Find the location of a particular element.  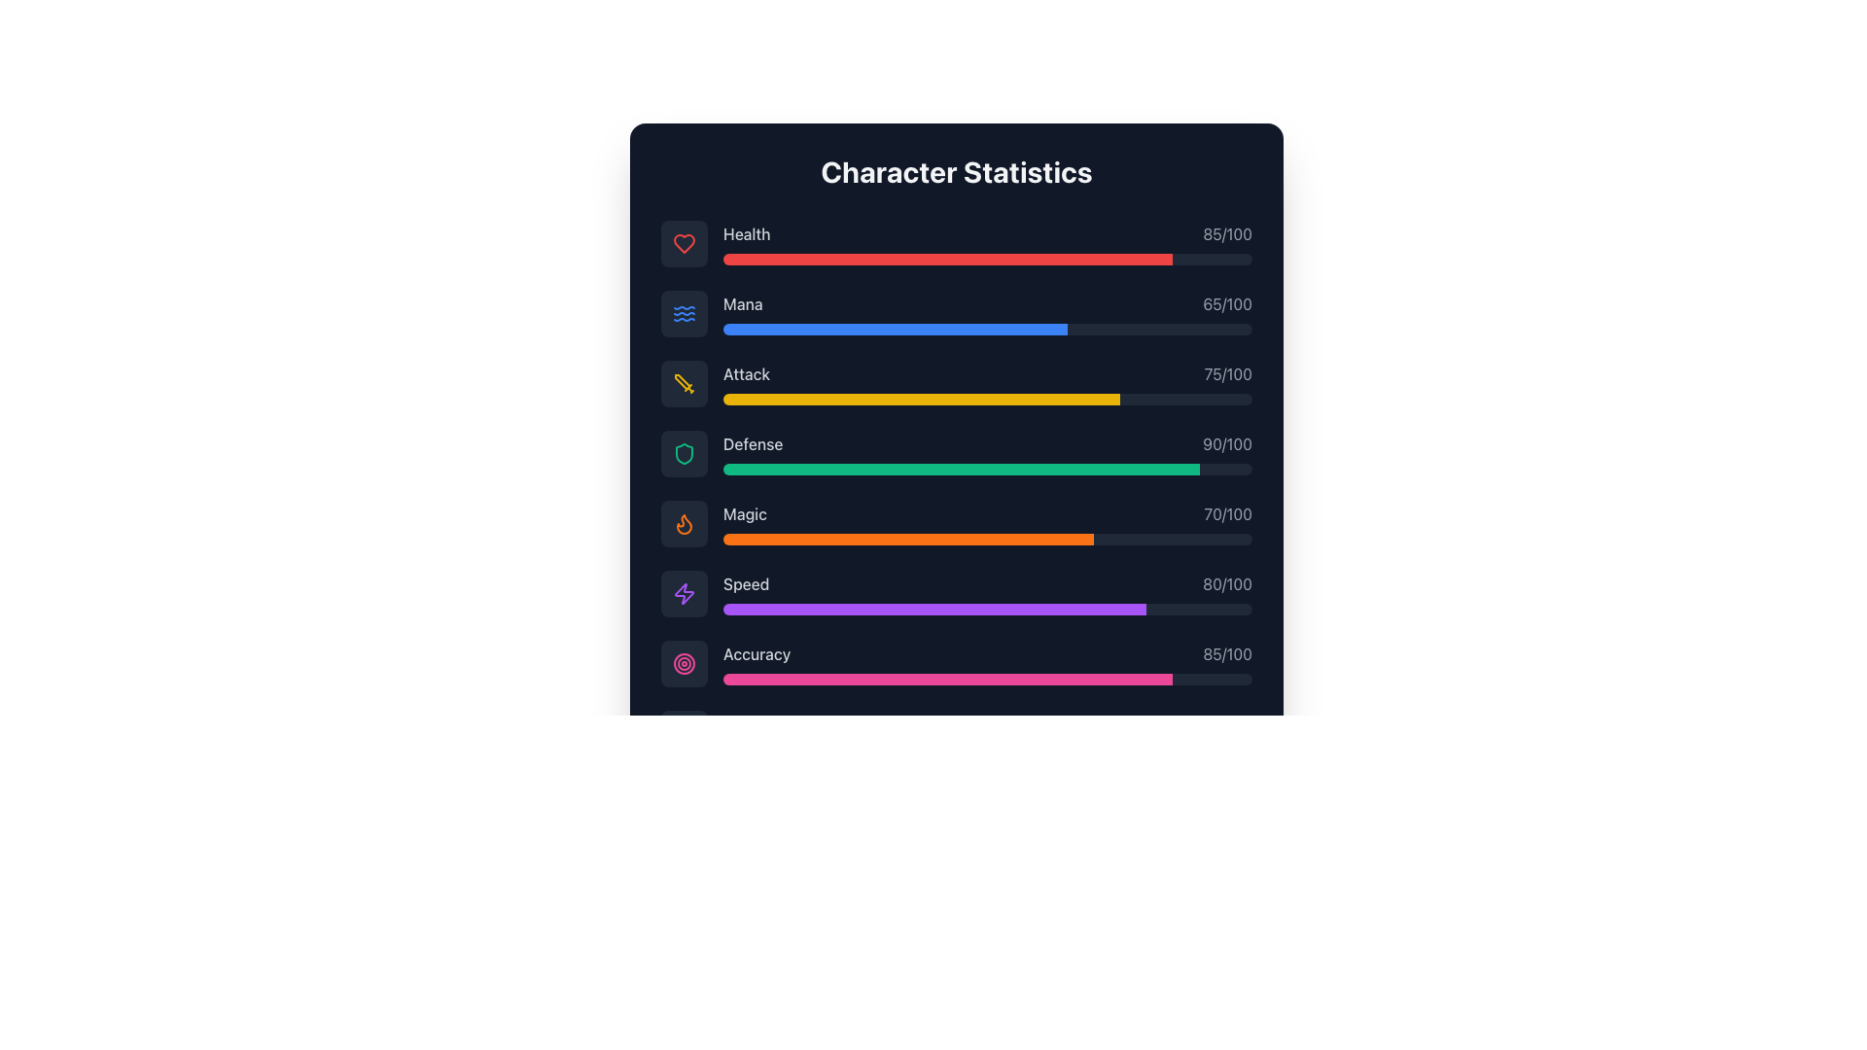

the blue icon with wavy lines located beneath the heart-shaped health icon and above the sword-shaped attack icon, within the 'Character Statistics' section is located at coordinates (685, 313).